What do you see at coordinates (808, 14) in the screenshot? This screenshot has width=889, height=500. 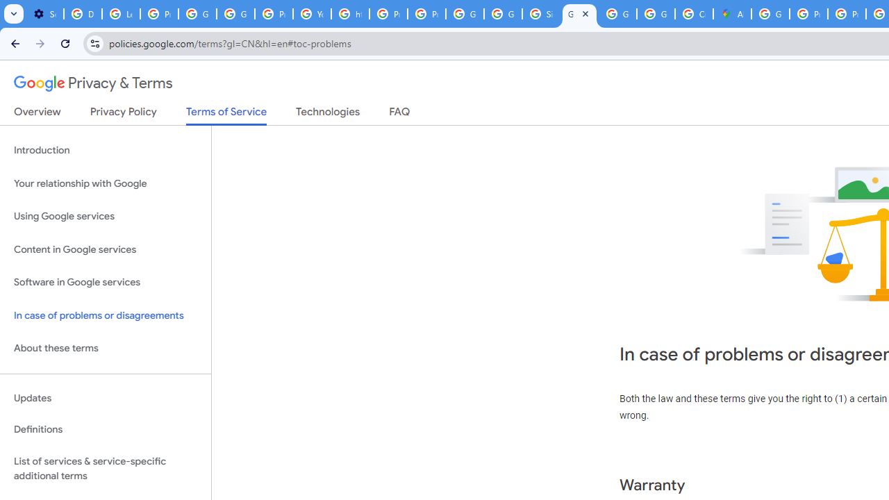 I see `'Privacy Help Center - Policies Help'` at bounding box center [808, 14].